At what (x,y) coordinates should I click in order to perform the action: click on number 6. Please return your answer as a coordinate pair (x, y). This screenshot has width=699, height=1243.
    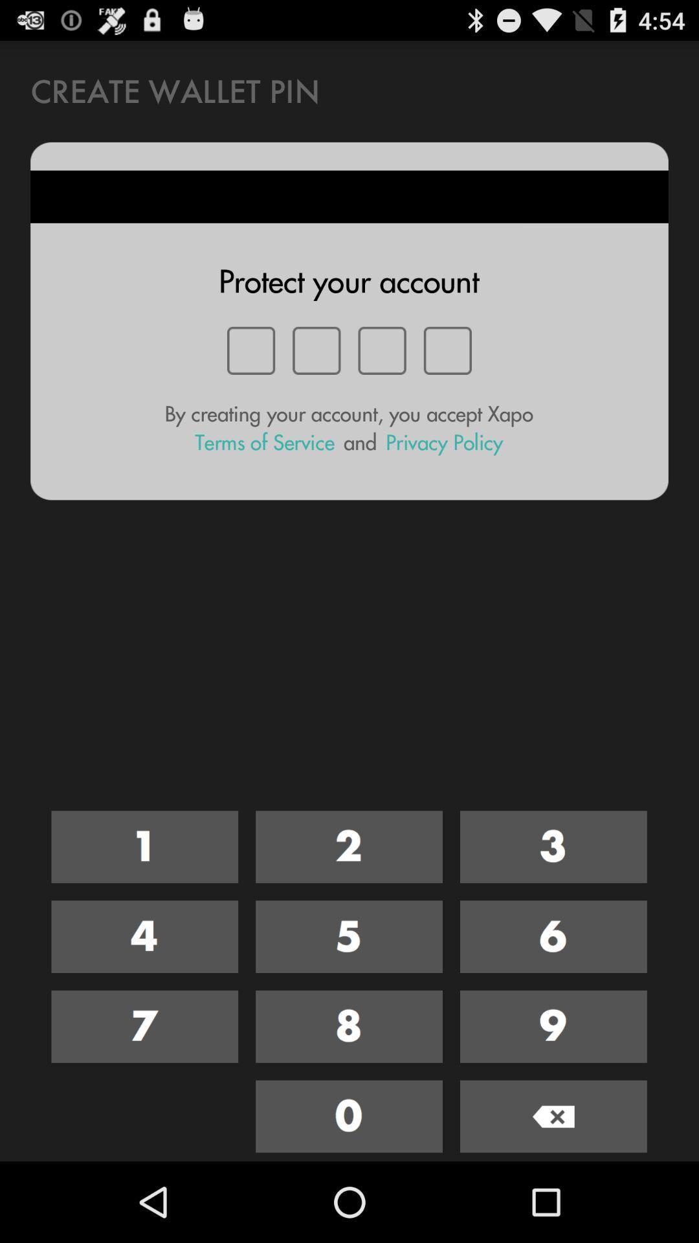
    Looking at the image, I should click on (553, 937).